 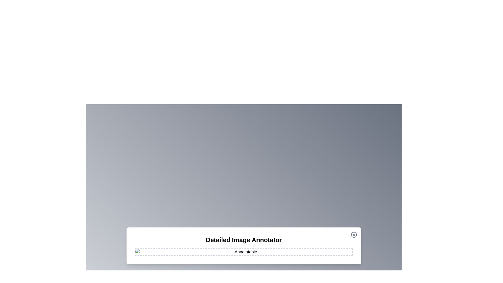 I want to click on the image at coordinates (1237, 962) to add an annotation, so click(x=324, y=252).